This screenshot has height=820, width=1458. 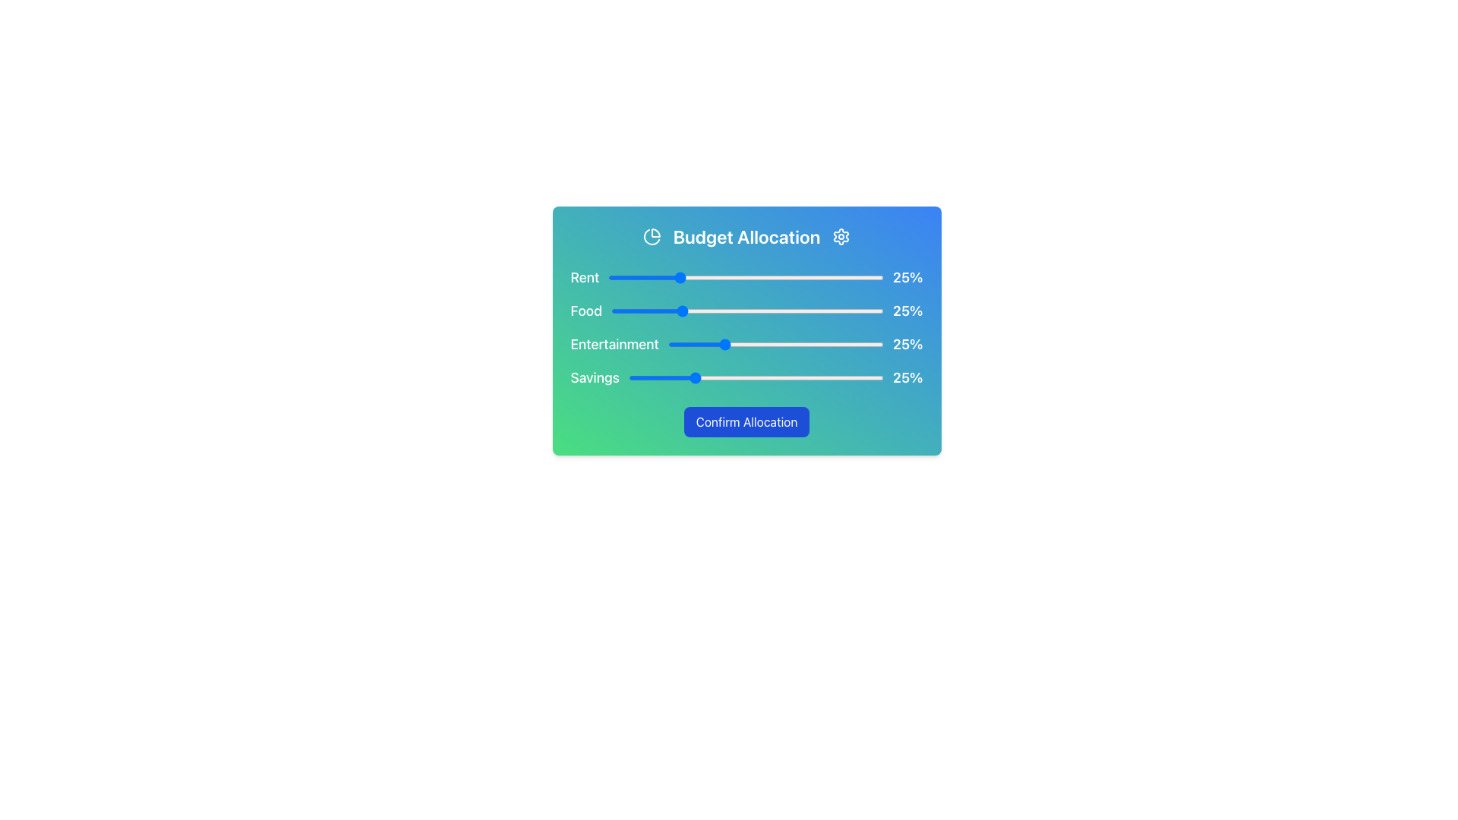 What do you see at coordinates (856, 345) in the screenshot?
I see `the Entertainment budget percentage` at bounding box center [856, 345].